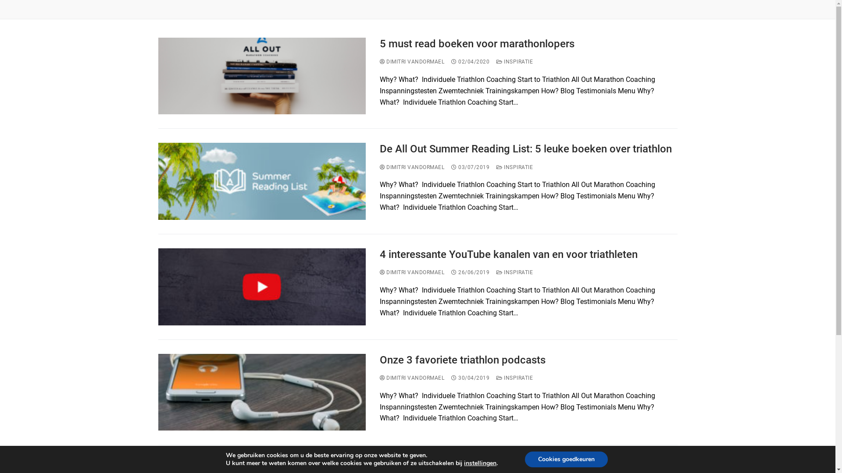 The height and width of the screenshot is (473, 842). What do you see at coordinates (566, 459) in the screenshot?
I see `'Cookies goedkeuren'` at bounding box center [566, 459].